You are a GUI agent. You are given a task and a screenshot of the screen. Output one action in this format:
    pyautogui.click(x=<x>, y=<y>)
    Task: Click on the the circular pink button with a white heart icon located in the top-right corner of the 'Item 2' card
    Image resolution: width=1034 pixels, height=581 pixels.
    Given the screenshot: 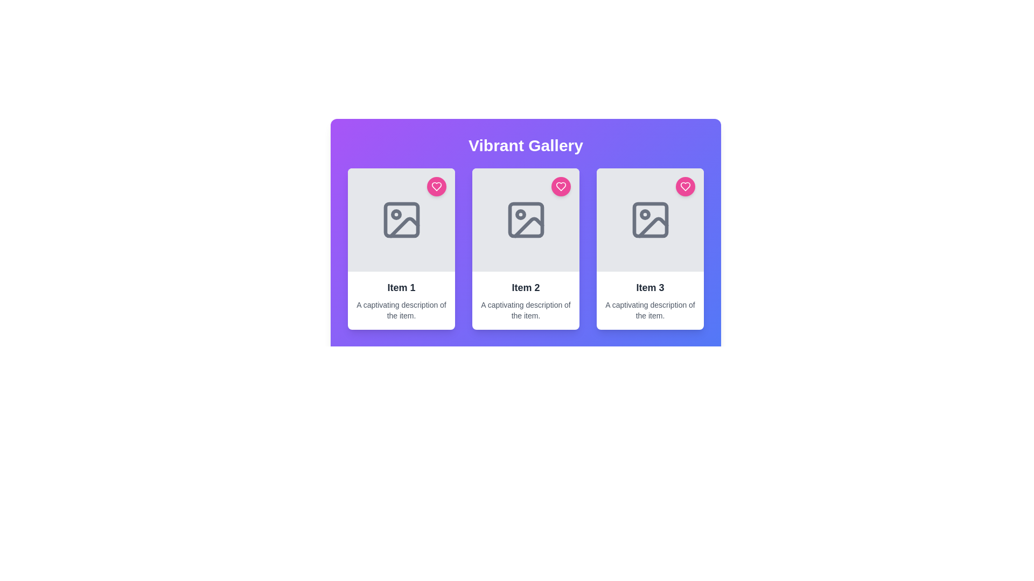 What is the action you would take?
    pyautogui.click(x=560, y=186)
    